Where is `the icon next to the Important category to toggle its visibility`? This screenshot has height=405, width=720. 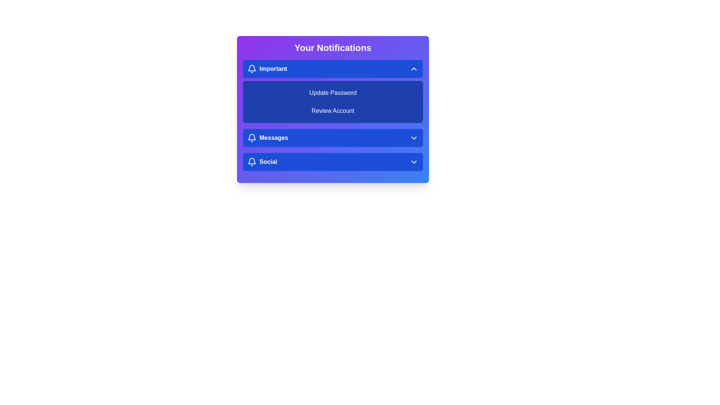 the icon next to the Important category to toggle its visibility is located at coordinates (252, 69).